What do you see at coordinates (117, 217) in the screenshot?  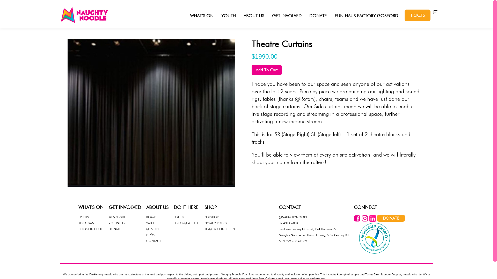 I see `'MEMBERSHIP'` at bounding box center [117, 217].